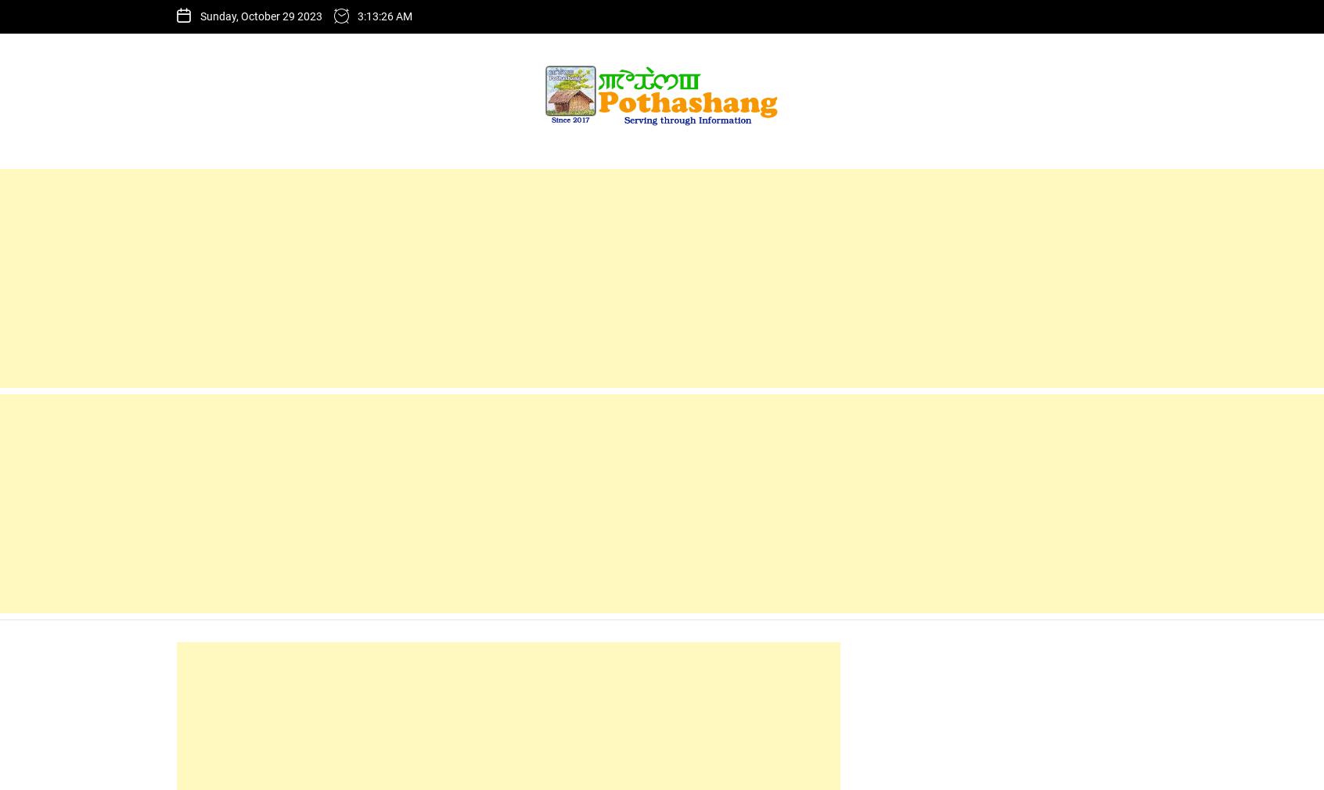 This screenshot has height=790, width=1324. I want to click on 'Next:', so click(531, 38).